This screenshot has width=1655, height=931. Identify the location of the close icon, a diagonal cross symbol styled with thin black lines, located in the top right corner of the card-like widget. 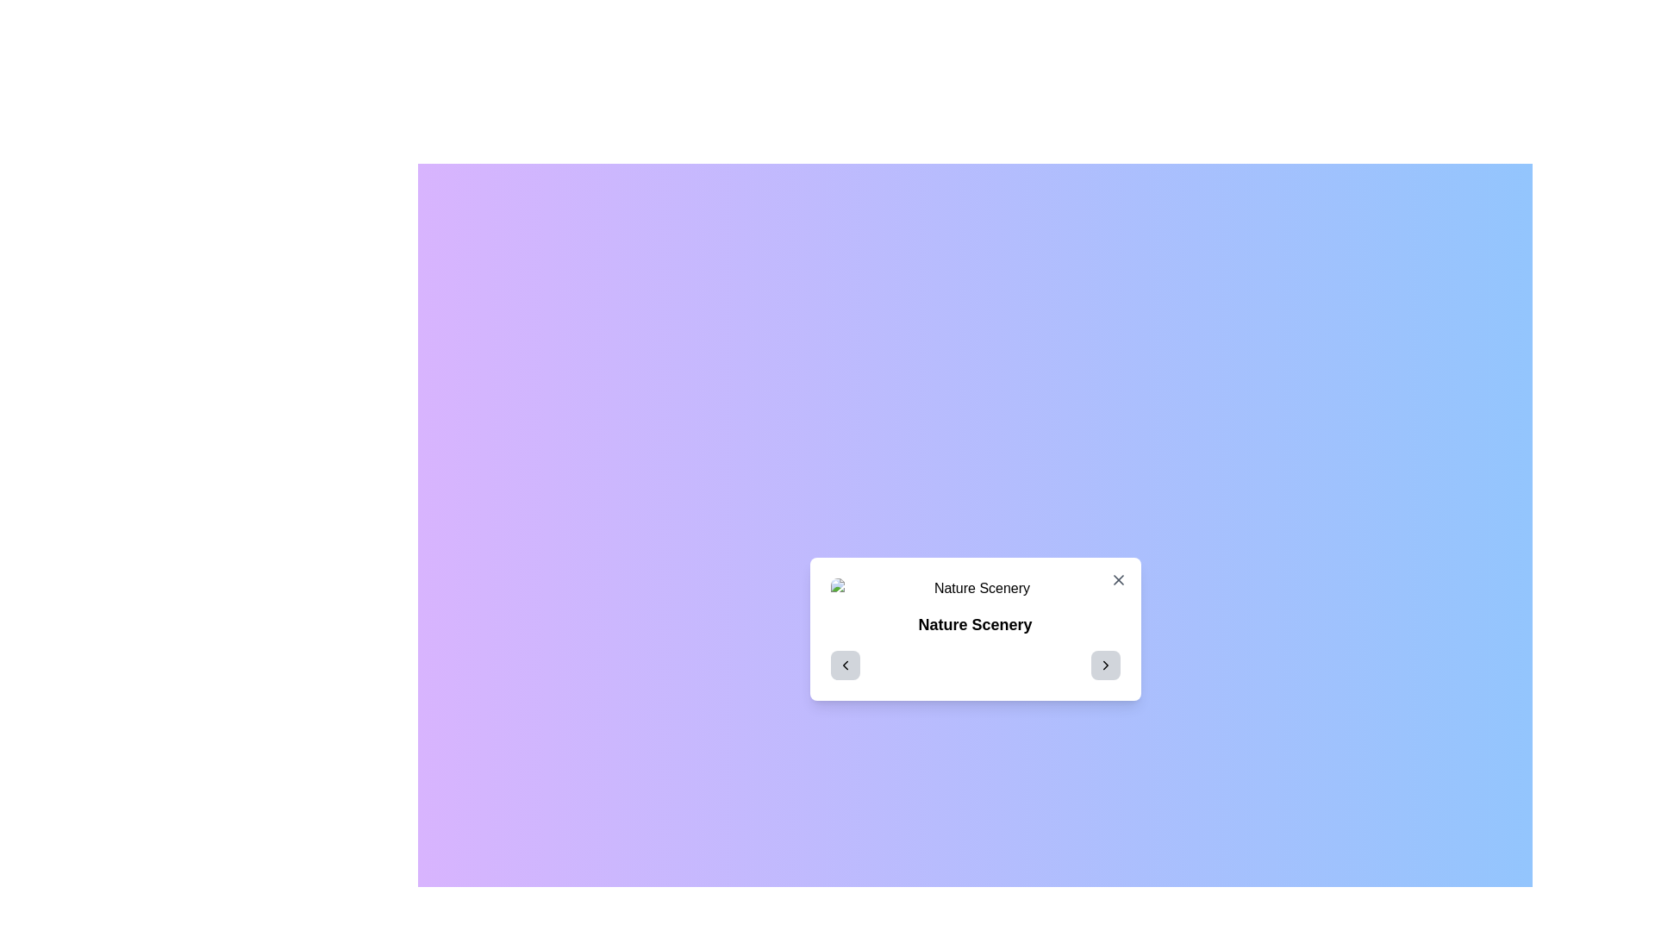
(1118, 579).